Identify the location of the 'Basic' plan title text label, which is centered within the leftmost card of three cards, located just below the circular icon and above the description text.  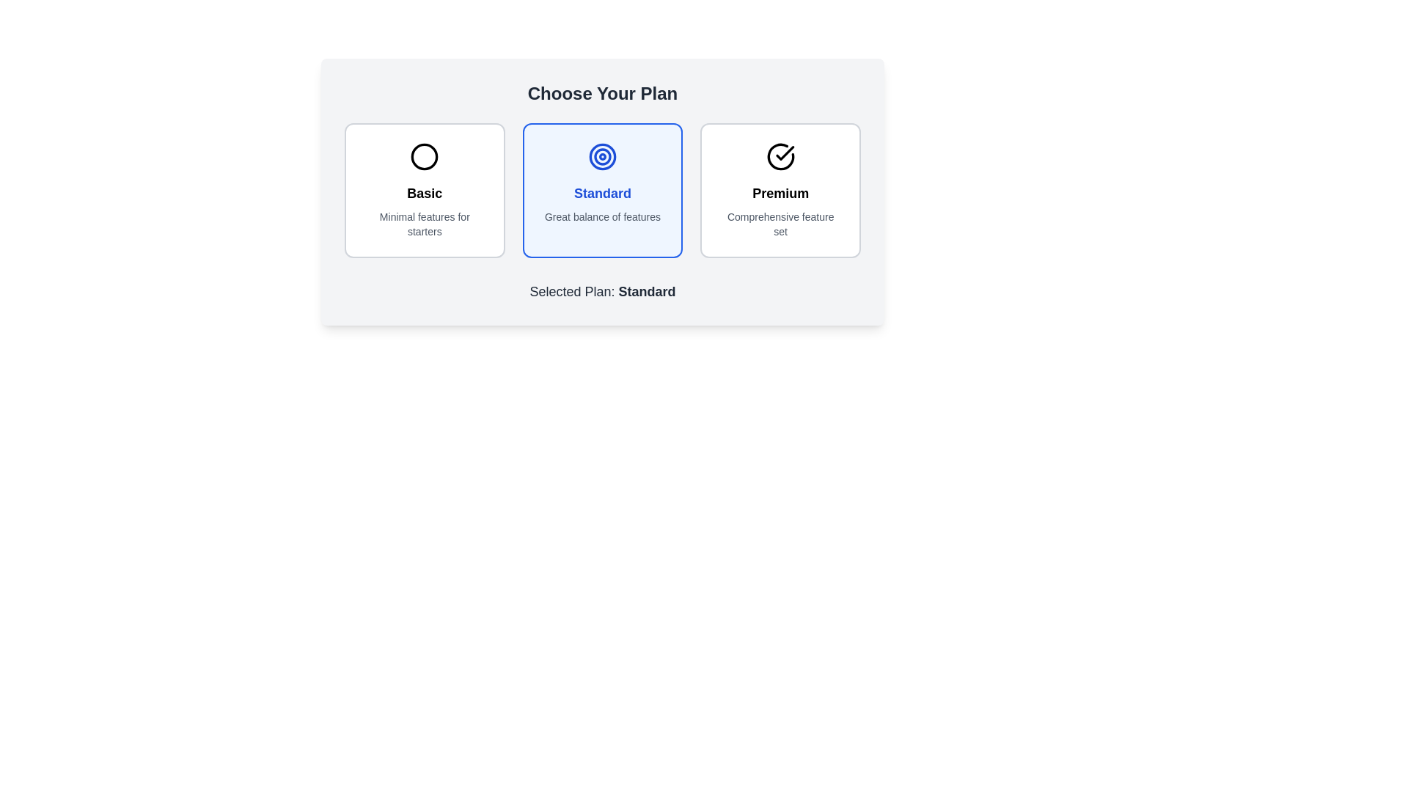
(424, 192).